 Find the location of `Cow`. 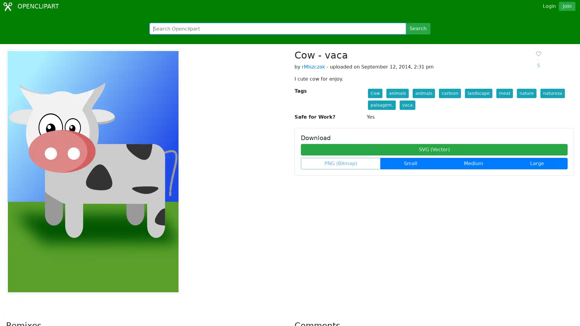

Cow is located at coordinates (375, 93).